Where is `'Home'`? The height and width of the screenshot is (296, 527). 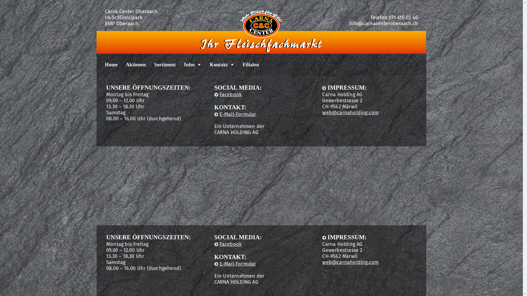 'Home' is located at coordinates (107, 64).